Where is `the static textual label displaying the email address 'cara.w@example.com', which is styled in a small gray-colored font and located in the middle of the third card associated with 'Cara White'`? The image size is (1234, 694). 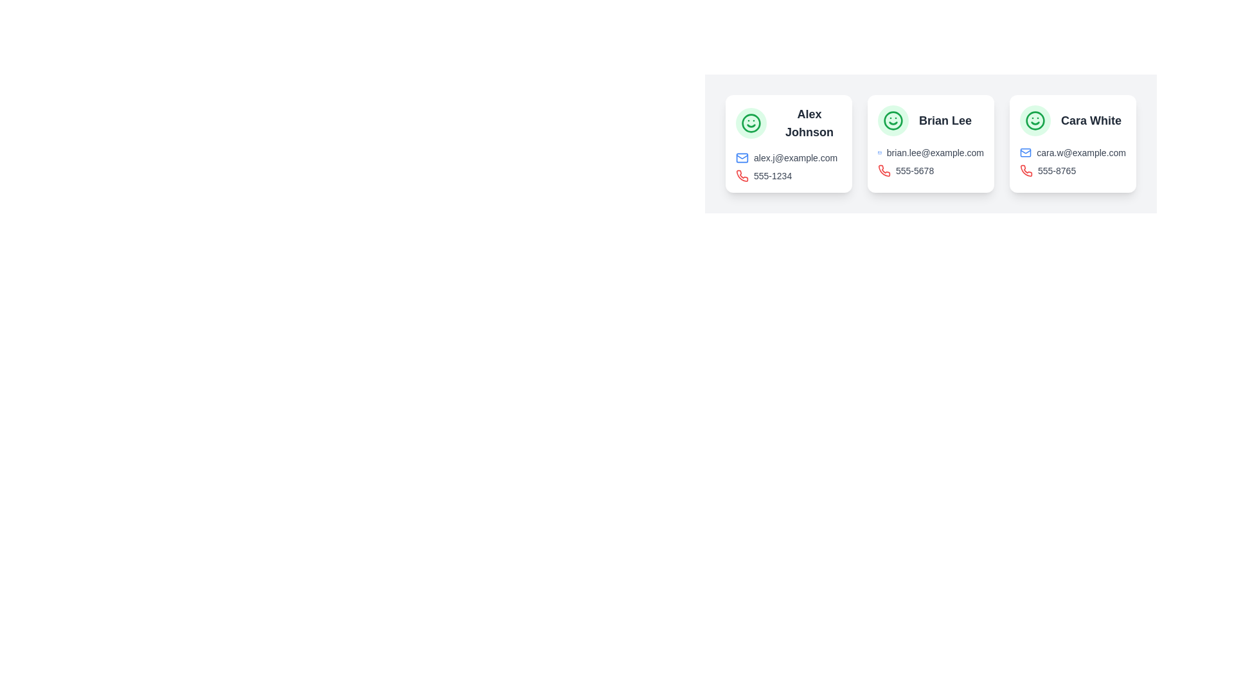 the static textual label displaying the email address 'cara.w@example.com', which is styled in a small gray-colored font and located in the middle of the third card associated with 'Cara White' is located at coordinates (1080, 152).